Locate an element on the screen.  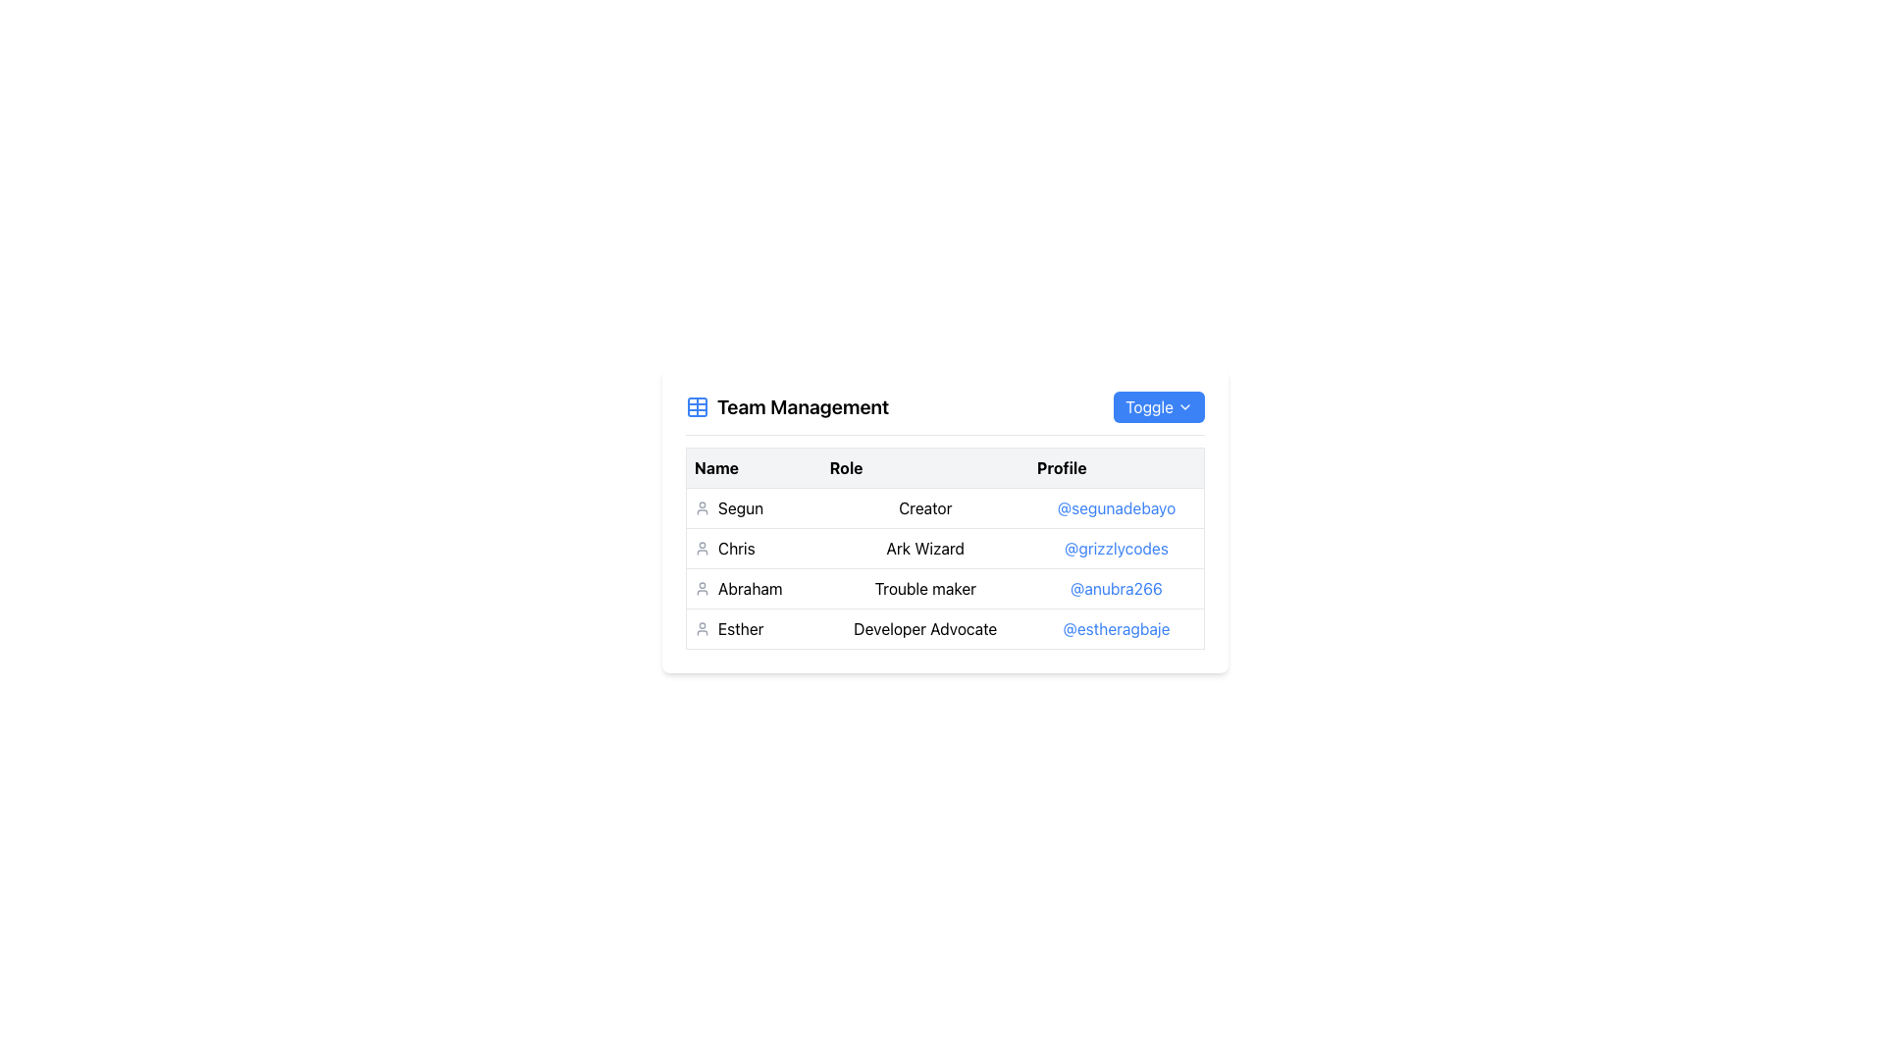
the hyperlink in the 'Profile' column of the first row for the user 'Segun', which links to the GitHub profile 'https://github.com/segunadebayo' is located at coordinates (1117, 506).